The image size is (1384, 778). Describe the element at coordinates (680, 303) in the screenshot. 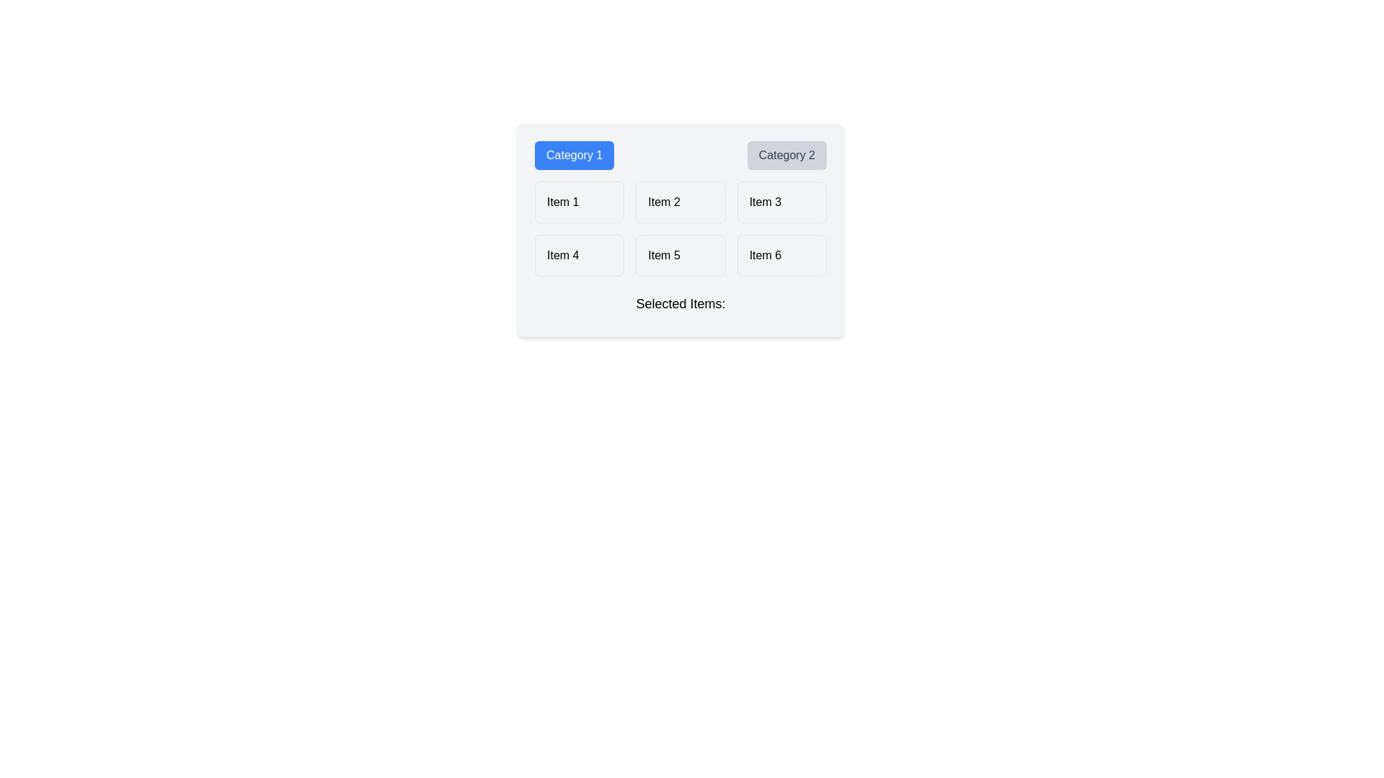

I see `the label indicating the section's contents, which is centrally aligned below a grid of items` at that location.